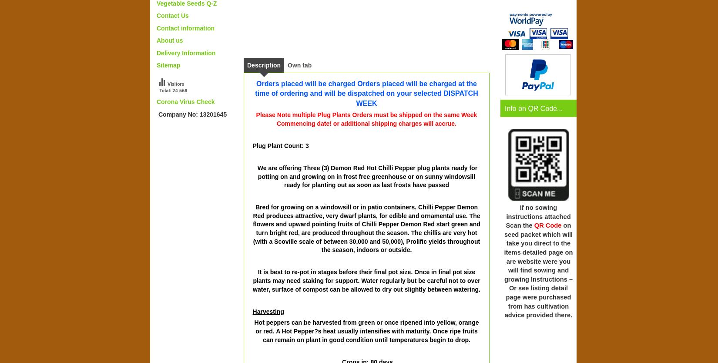  What do you see at coordinates (253, 331) in the screenshot?
I see `'Hot peppers can be harvested from green or once ripened into yellow, orange or red. A Hot Pepper?s heat usually intensifies with maturity. Once ripe fruits can remain on plant in good condition until temperatures begin to drop.'` at bounding box center [253, 331].